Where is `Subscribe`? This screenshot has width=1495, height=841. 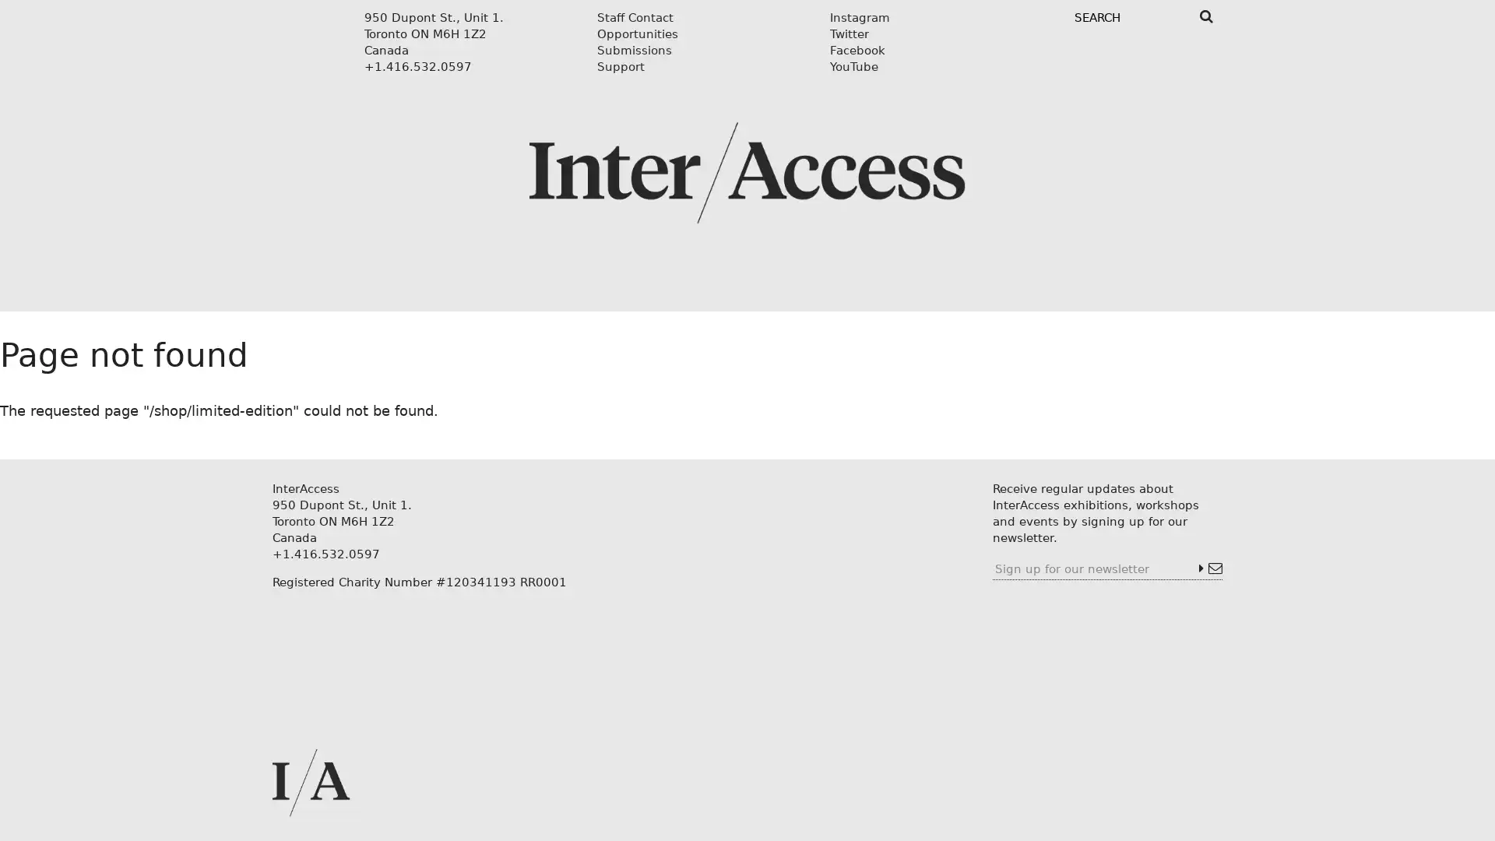 Subscribe is located at coordinates (1209, 568).